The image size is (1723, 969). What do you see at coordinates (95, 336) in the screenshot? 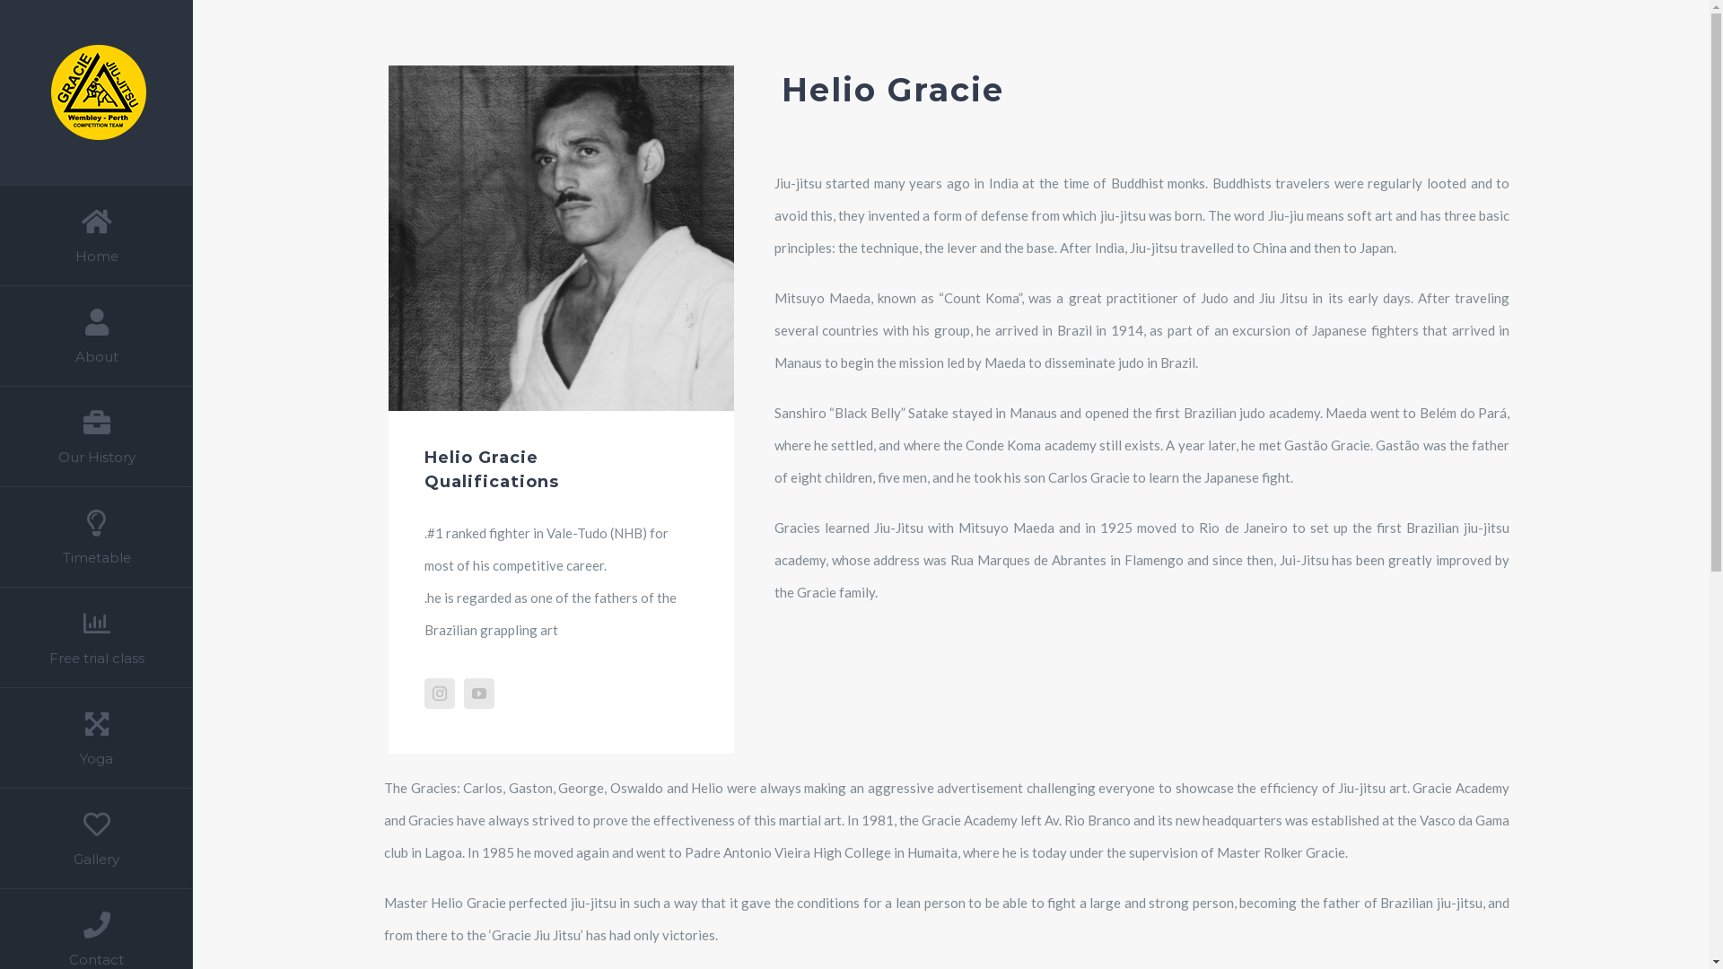
I see `'About'` at bounding box center [95, 336].